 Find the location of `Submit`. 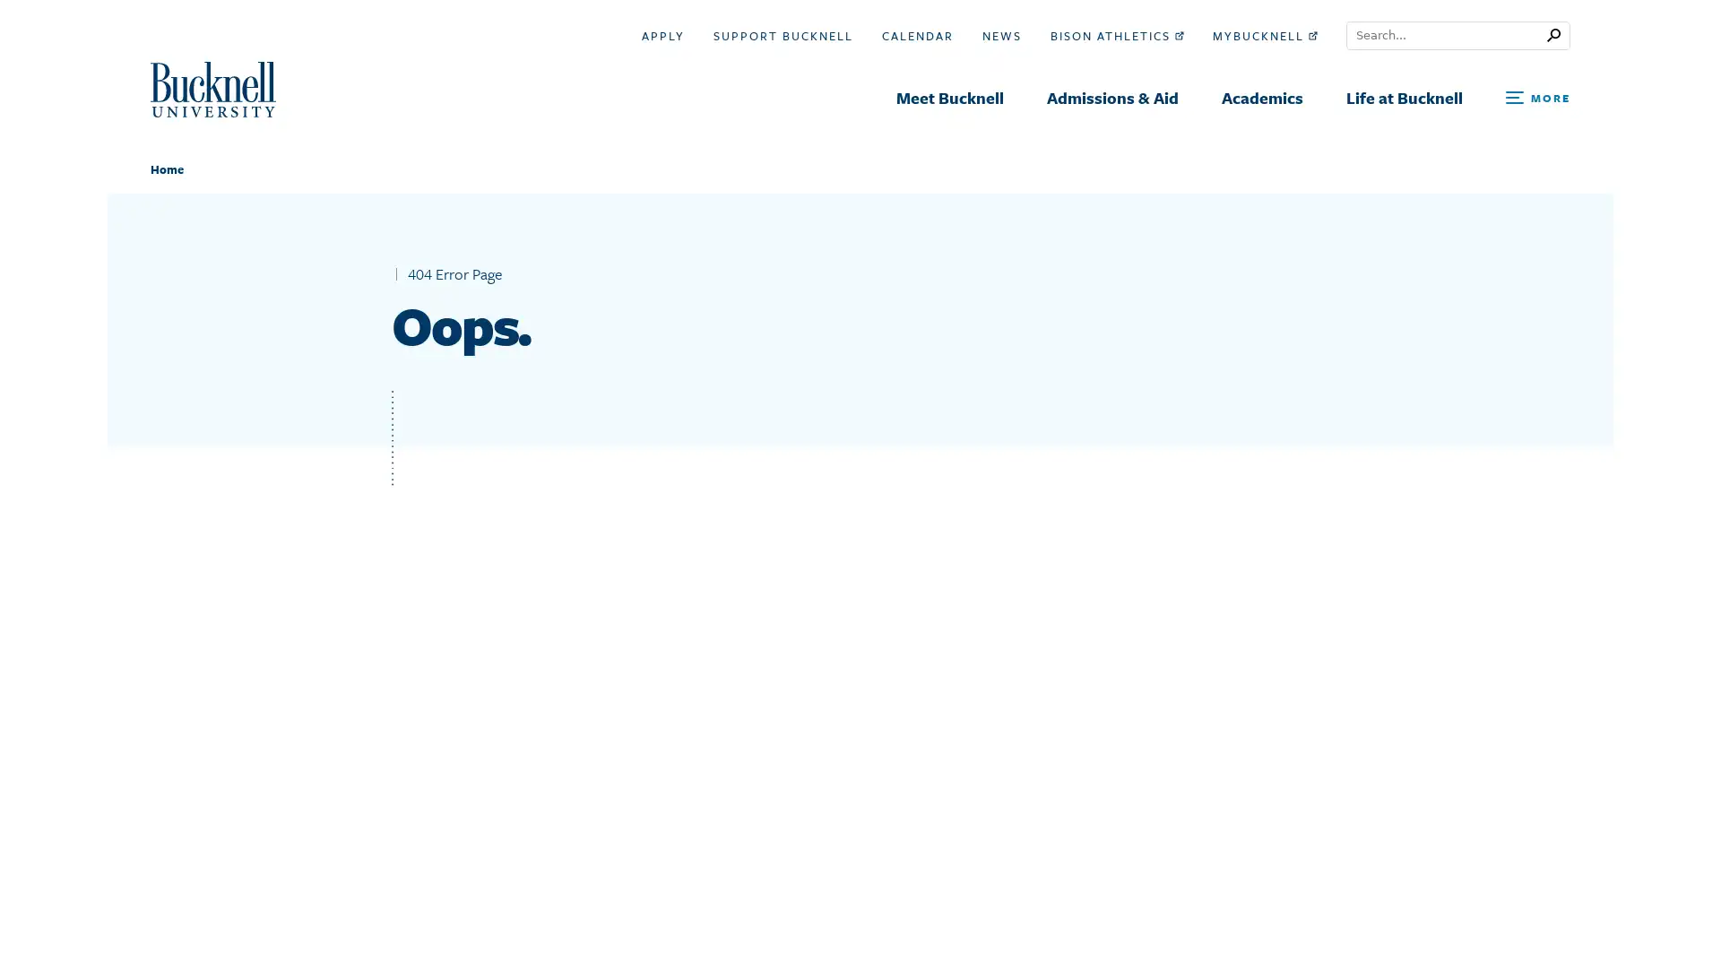

Submit is located at coordinates (1557, 35).